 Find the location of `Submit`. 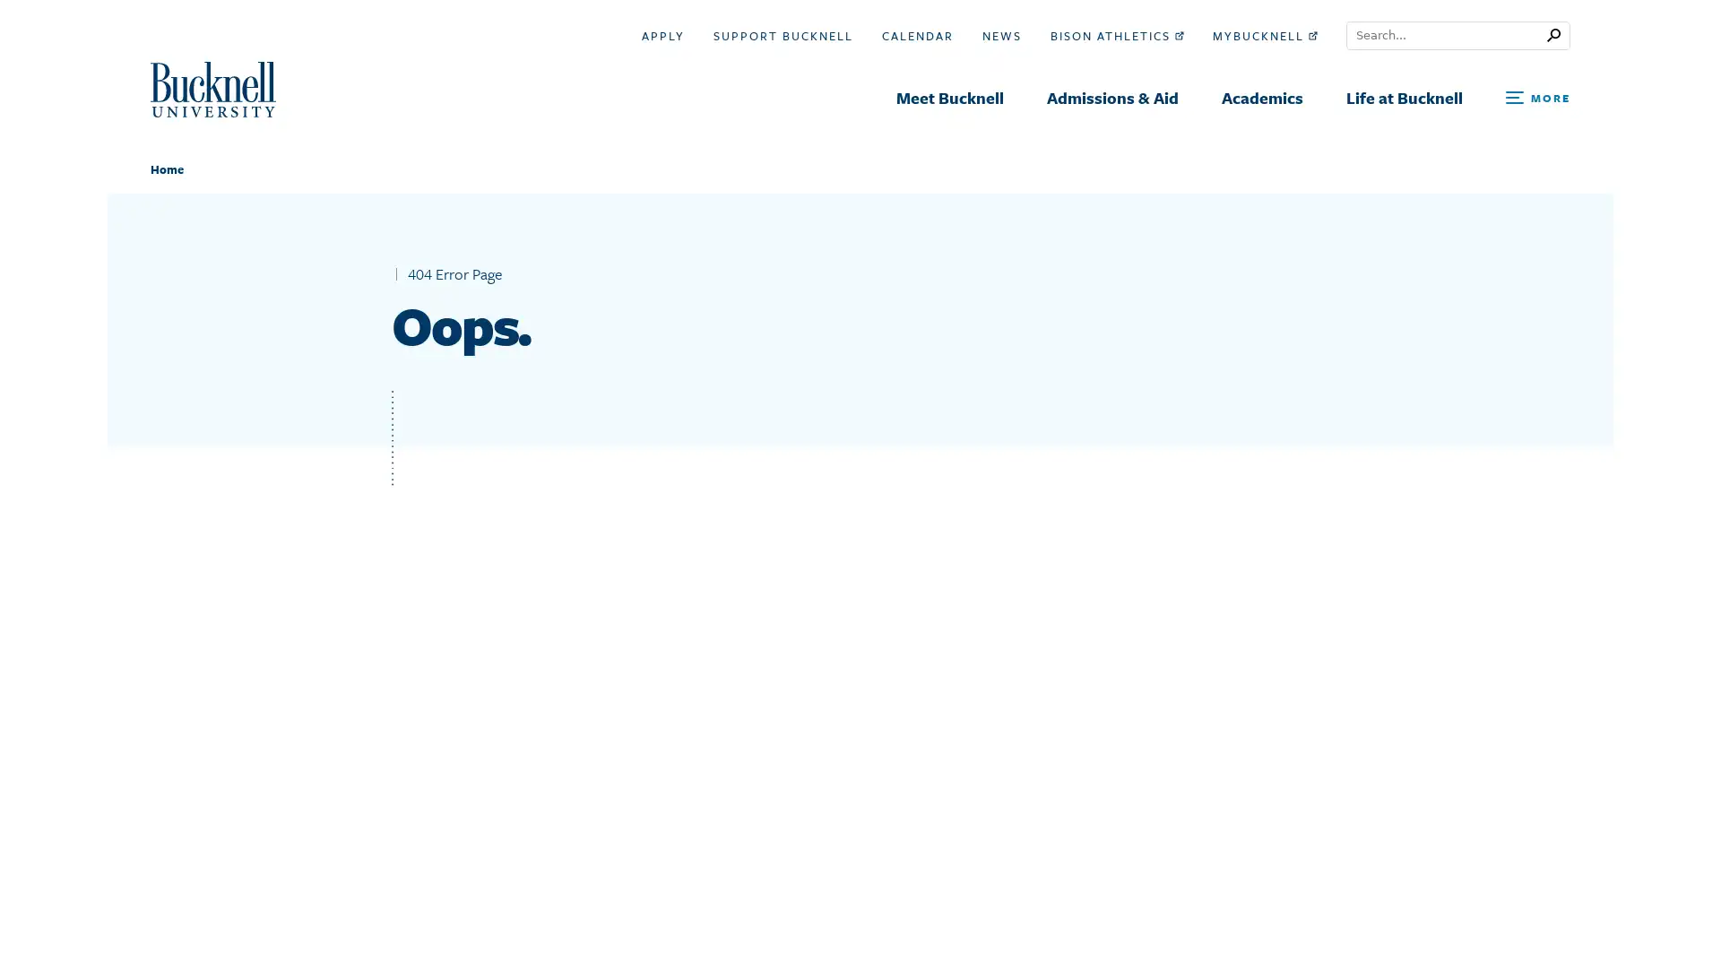

Submit is located at coordinates (1557, 35).